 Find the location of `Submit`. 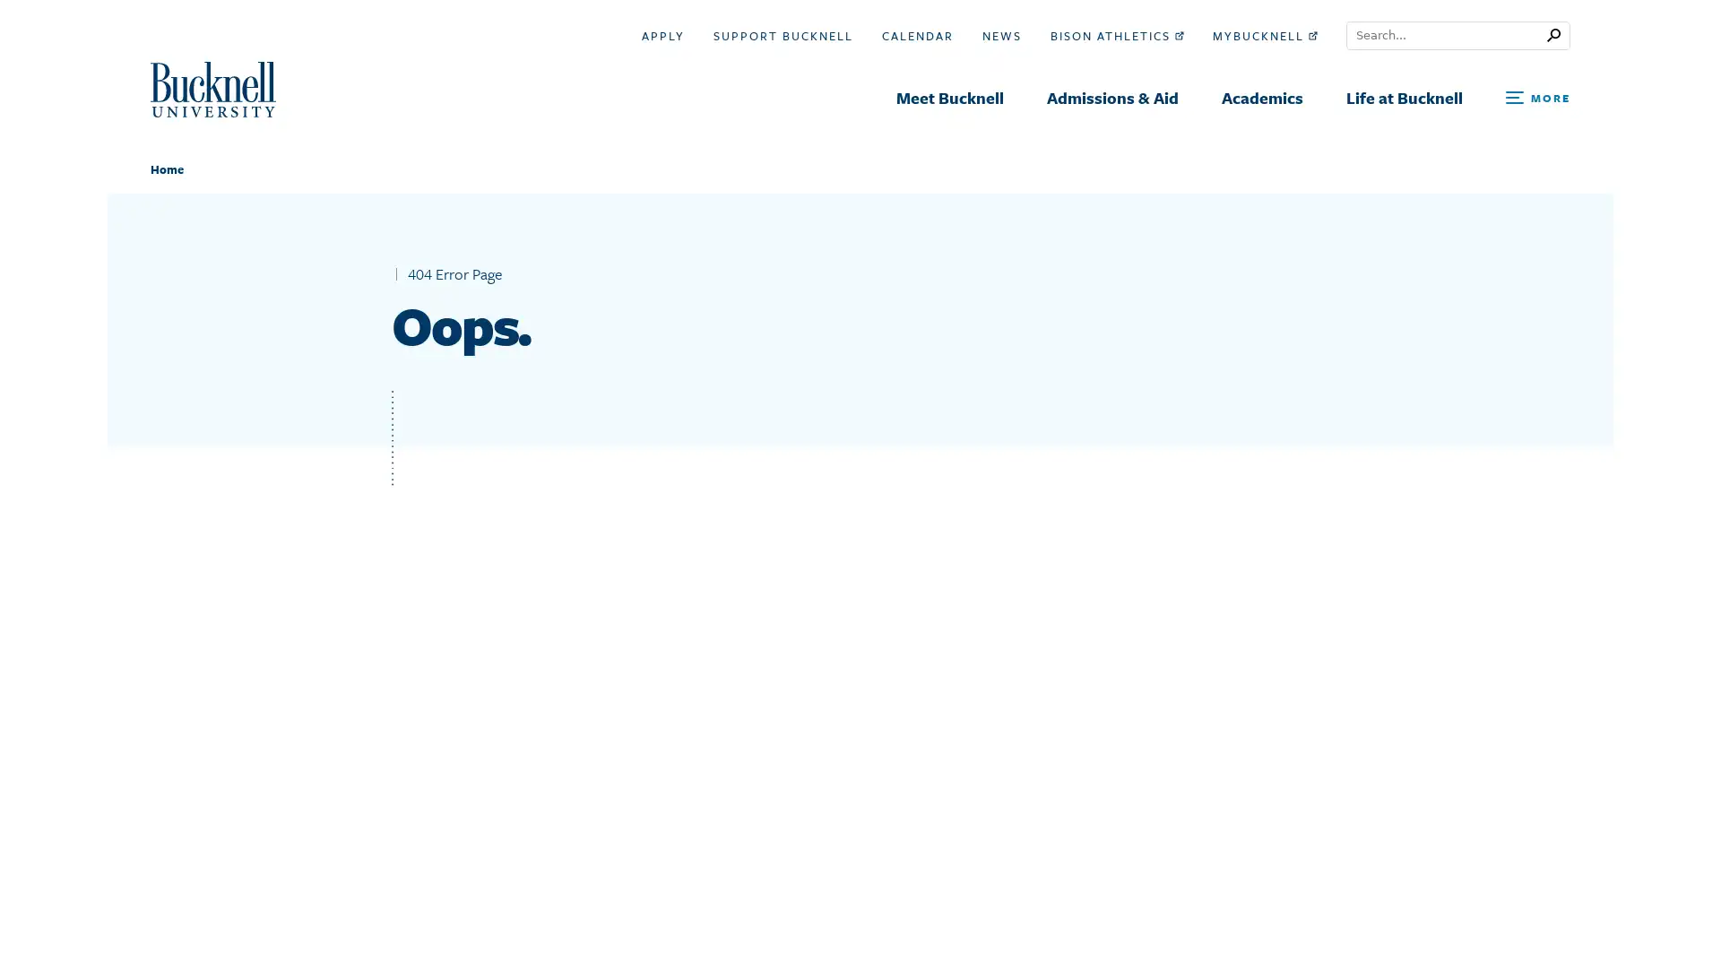

Submit is located at coordinates (1557, 35).